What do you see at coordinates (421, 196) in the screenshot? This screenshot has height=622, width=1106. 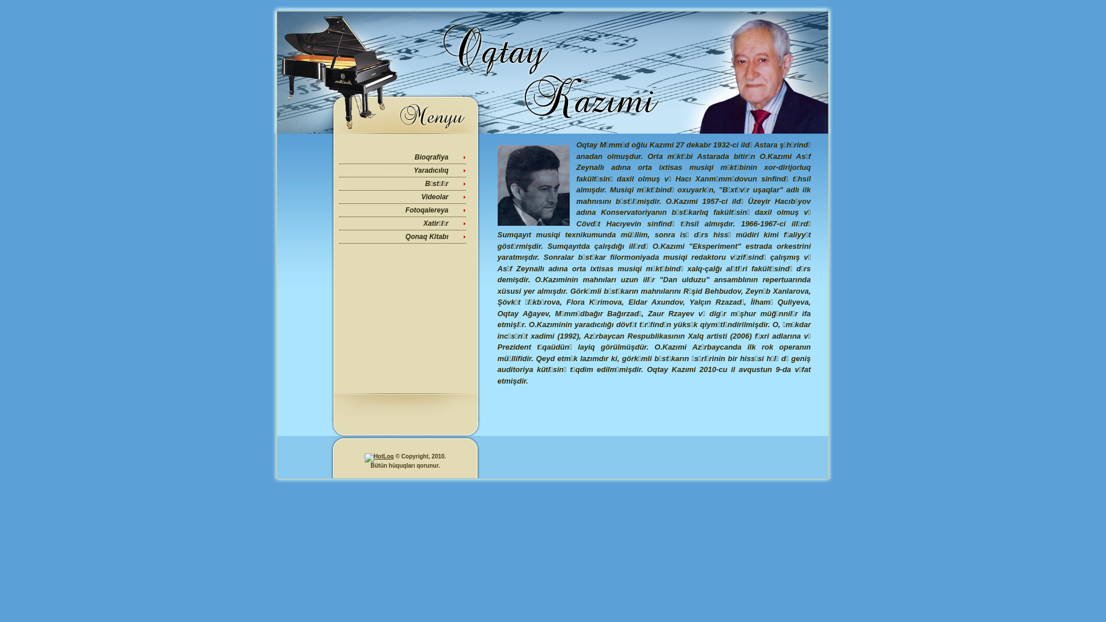 I see `'Videolar'` at bounding box center [421, 196].